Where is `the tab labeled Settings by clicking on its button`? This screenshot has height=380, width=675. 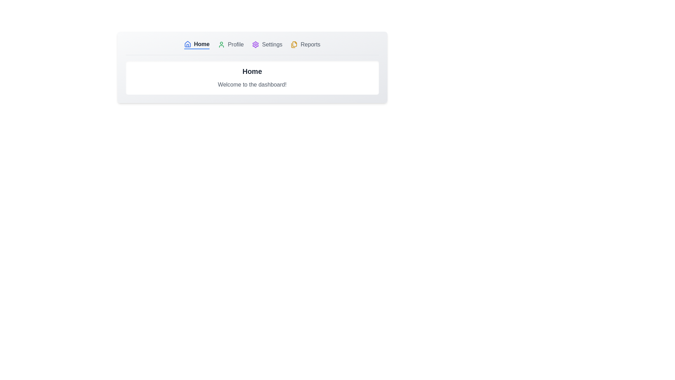
the tab labeled Settings by clicking on its button is located at coordinates (267, 45).